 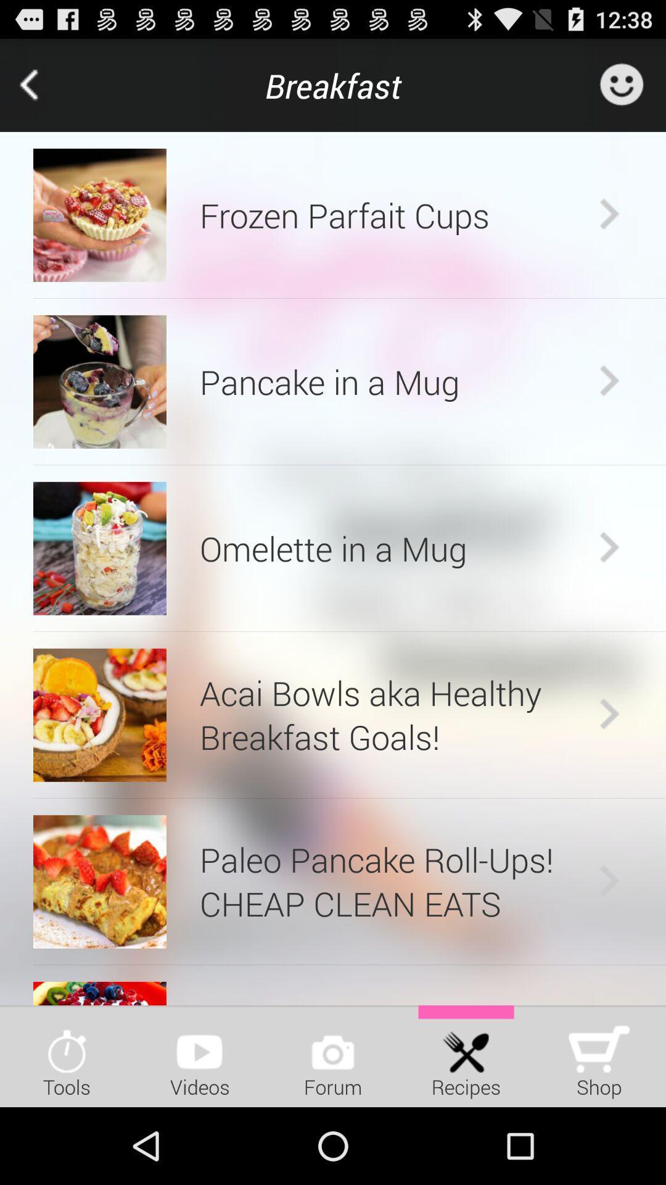 What do you see at coordinates (46, 91) in the screenshot?
I see `the arrow_backward icon` at bounding box center [46, 91].